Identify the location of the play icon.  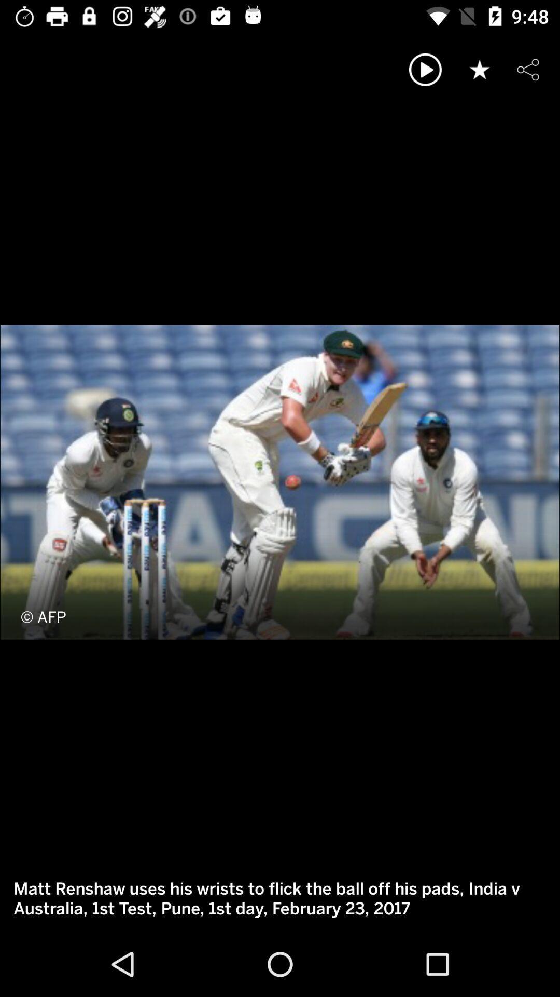
(425, 69).